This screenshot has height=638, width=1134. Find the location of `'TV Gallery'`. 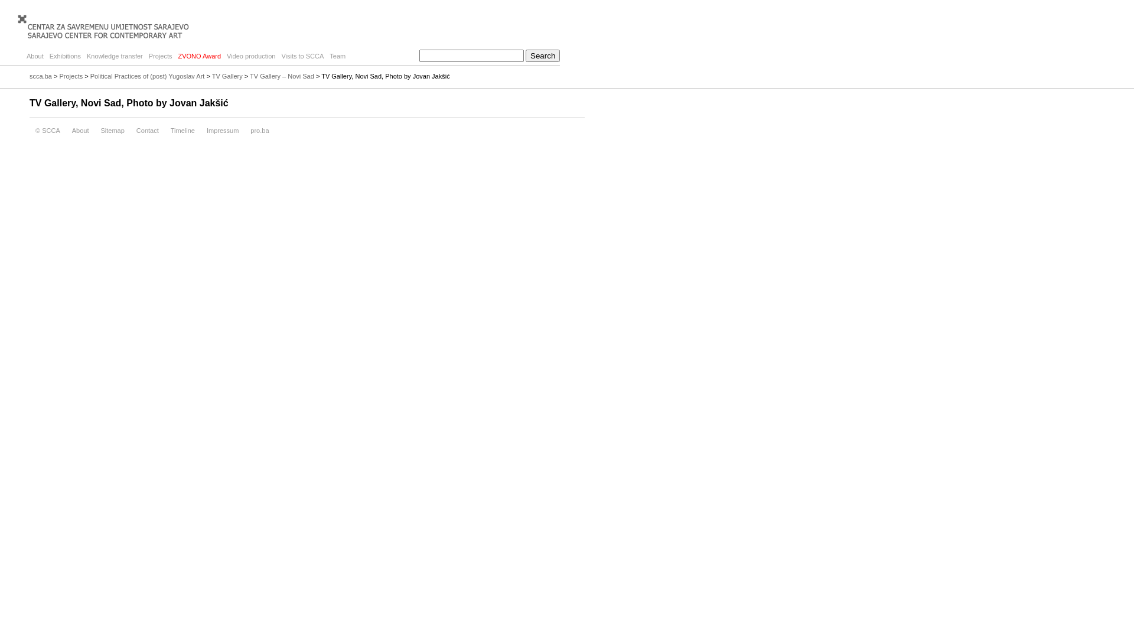

'TV Gallery' is located at coordinates (227, 76).